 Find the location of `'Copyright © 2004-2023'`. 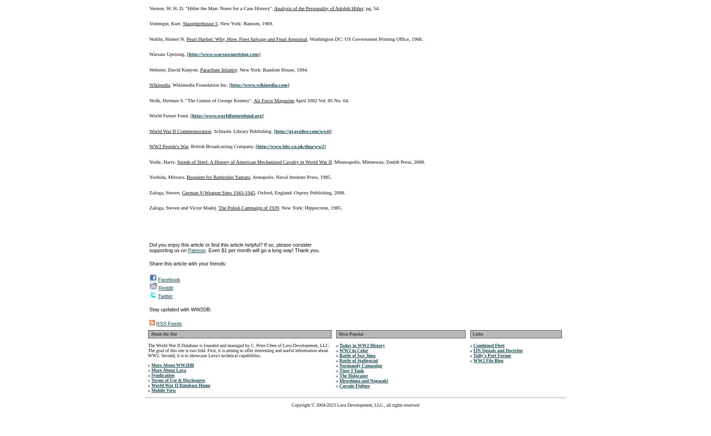

'Copyright © 2004-2023' is located at coordinates (313, 404).